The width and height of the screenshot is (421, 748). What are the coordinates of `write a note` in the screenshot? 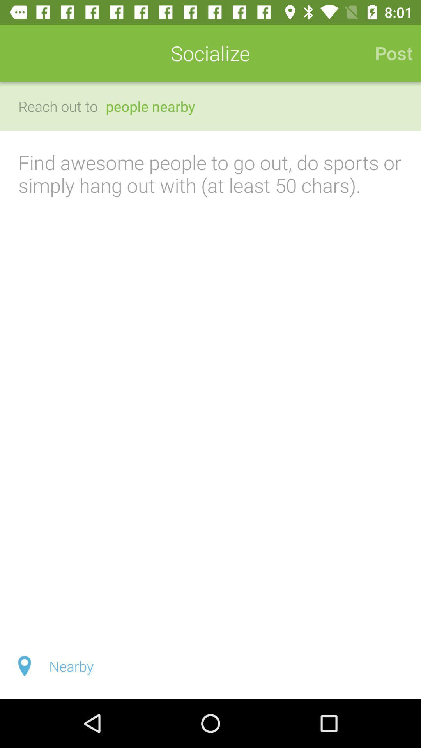 It's located at (210, 382).